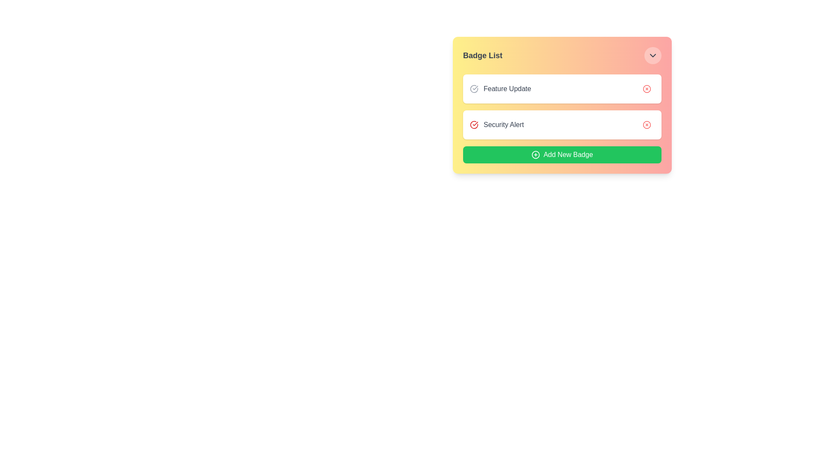 Image resolution: width=821 pixels, height=462 pixels. I want to click on the button located below 'Feature Update' and 'Security Alert', so click(562, 155).